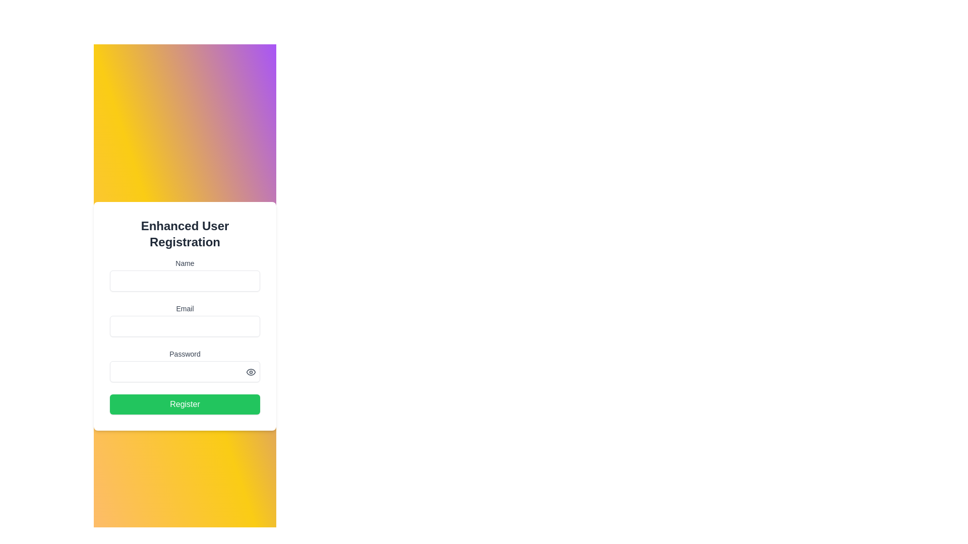 The image size is (968, 544). I want to click on the toggle visibility button for the password field in the Enhanced User Registration form, so click(251, 372).